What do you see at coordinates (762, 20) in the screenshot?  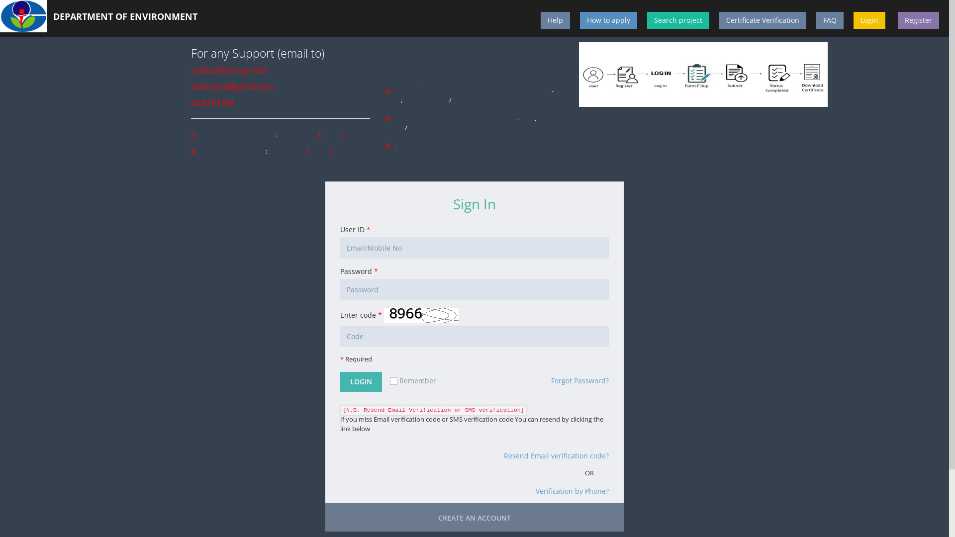 I see `'Certificate Verification'` at bounding box center [762, 20].